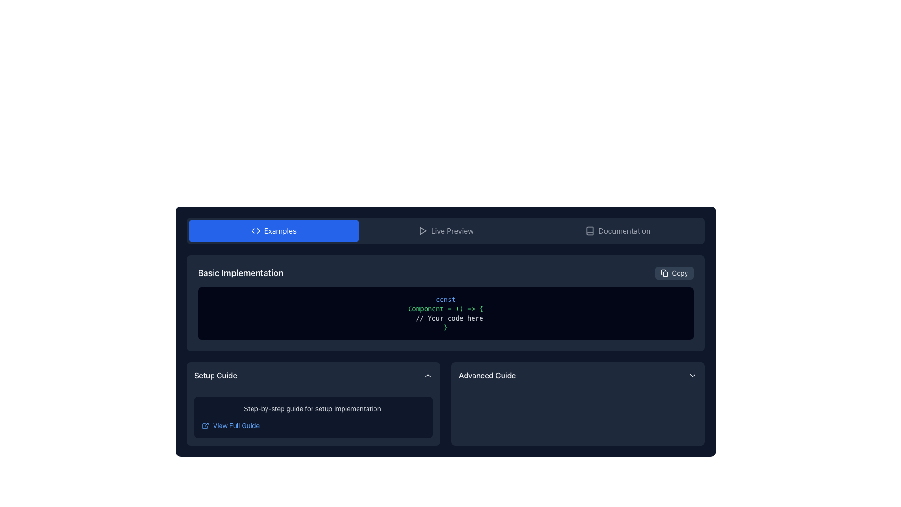  What do you see at coordinates (664, 273) in the screenshot?
I see `the copy icon located on the right-hand side of the 'Basic Implementation' section, which is visually aligned with the 'Copy' text` at bounding box center [664, 273].